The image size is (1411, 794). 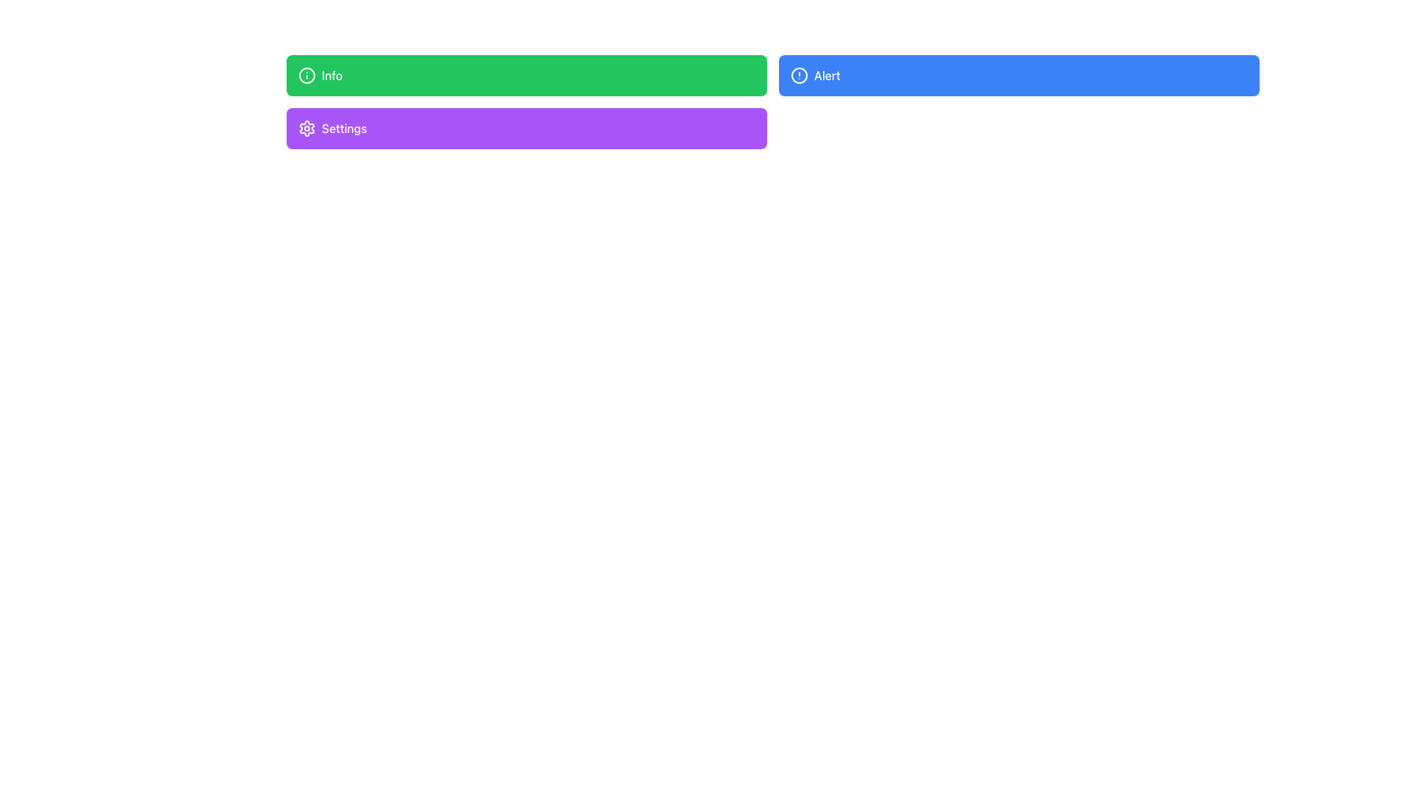 I want to click on the text 'Alert' which is located within the blue button in the upper right section of the layout, indicating the button's function, so click(x=827, y=76).